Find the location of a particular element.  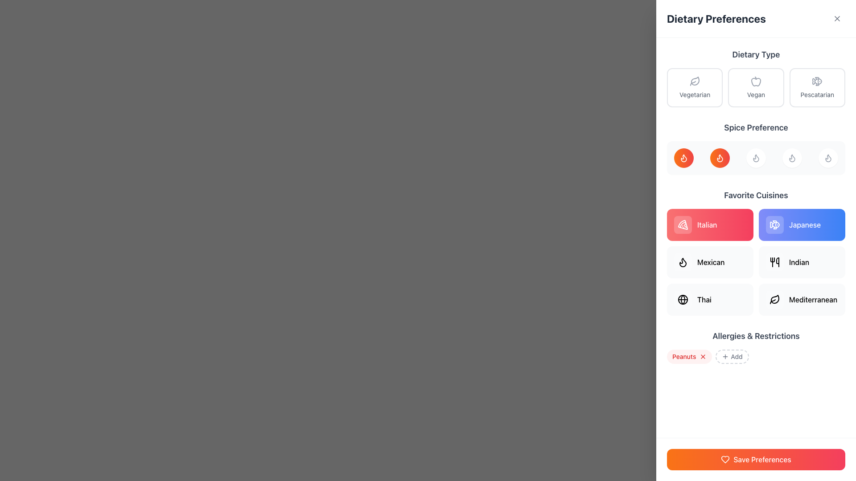

the utensils icon located in the top-right corner of the interface, which is within a circular button with a gradient background next to the title 'Dietary Preferences' is located at coordinates (838, 17).